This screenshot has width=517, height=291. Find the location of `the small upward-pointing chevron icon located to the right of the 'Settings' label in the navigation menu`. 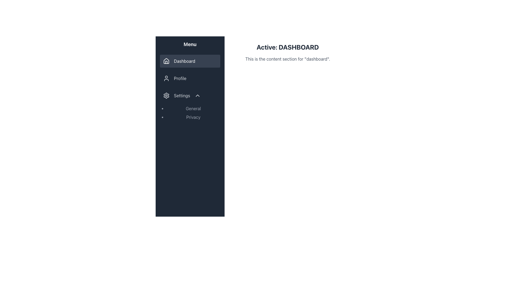

the small upward-pointing chevron icon located to the right of the 'Settings' label in the navigation menu is located at coordinates (197, 95).